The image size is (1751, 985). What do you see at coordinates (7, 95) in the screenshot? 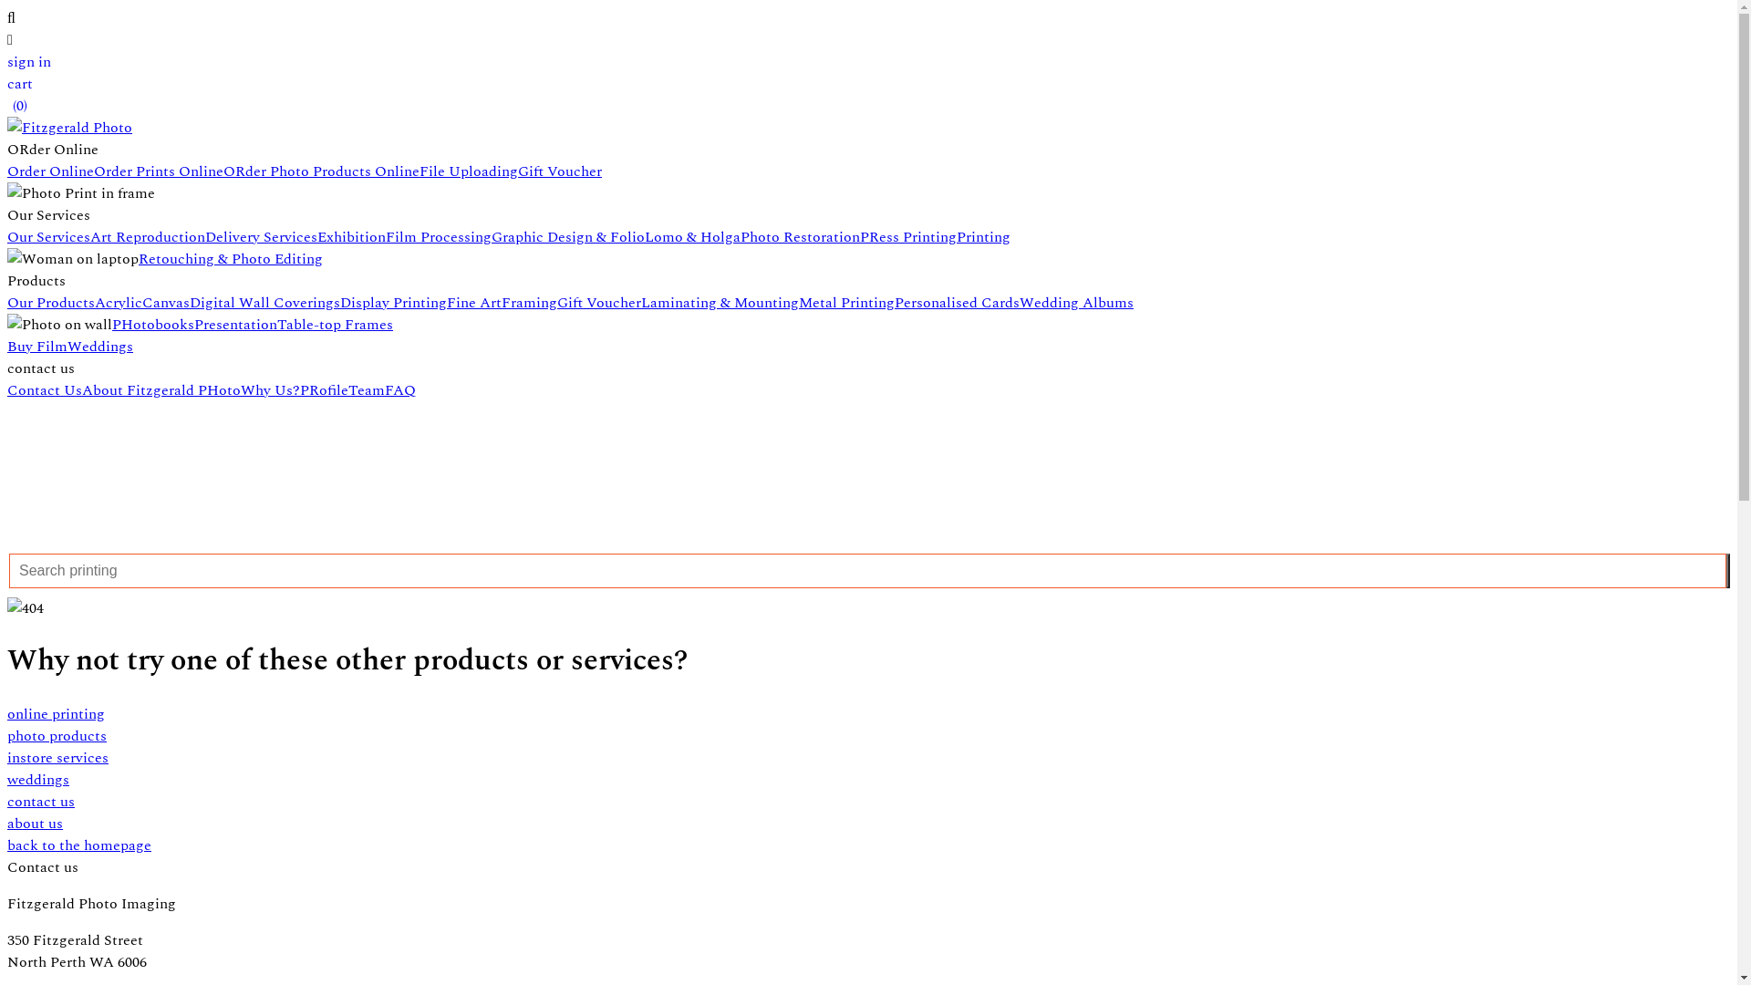
I see `'cart` at bounding box center [7, 95].